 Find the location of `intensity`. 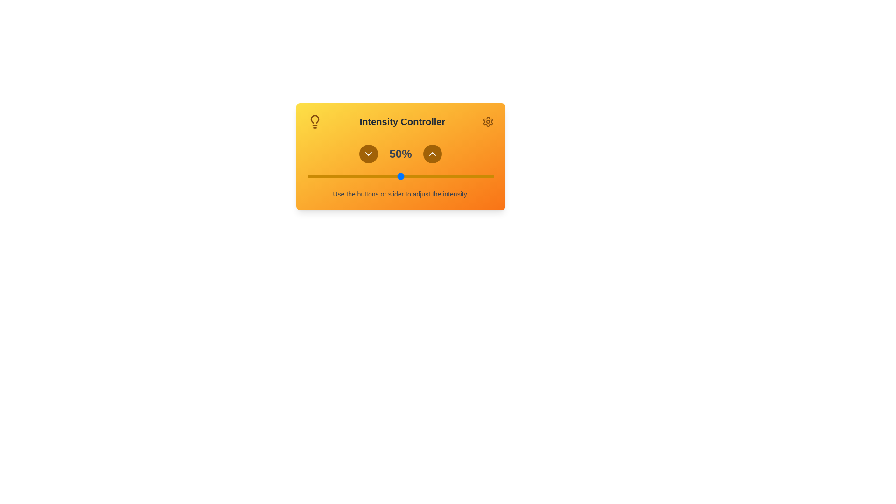

intensity is located at coordinates (322, 176).